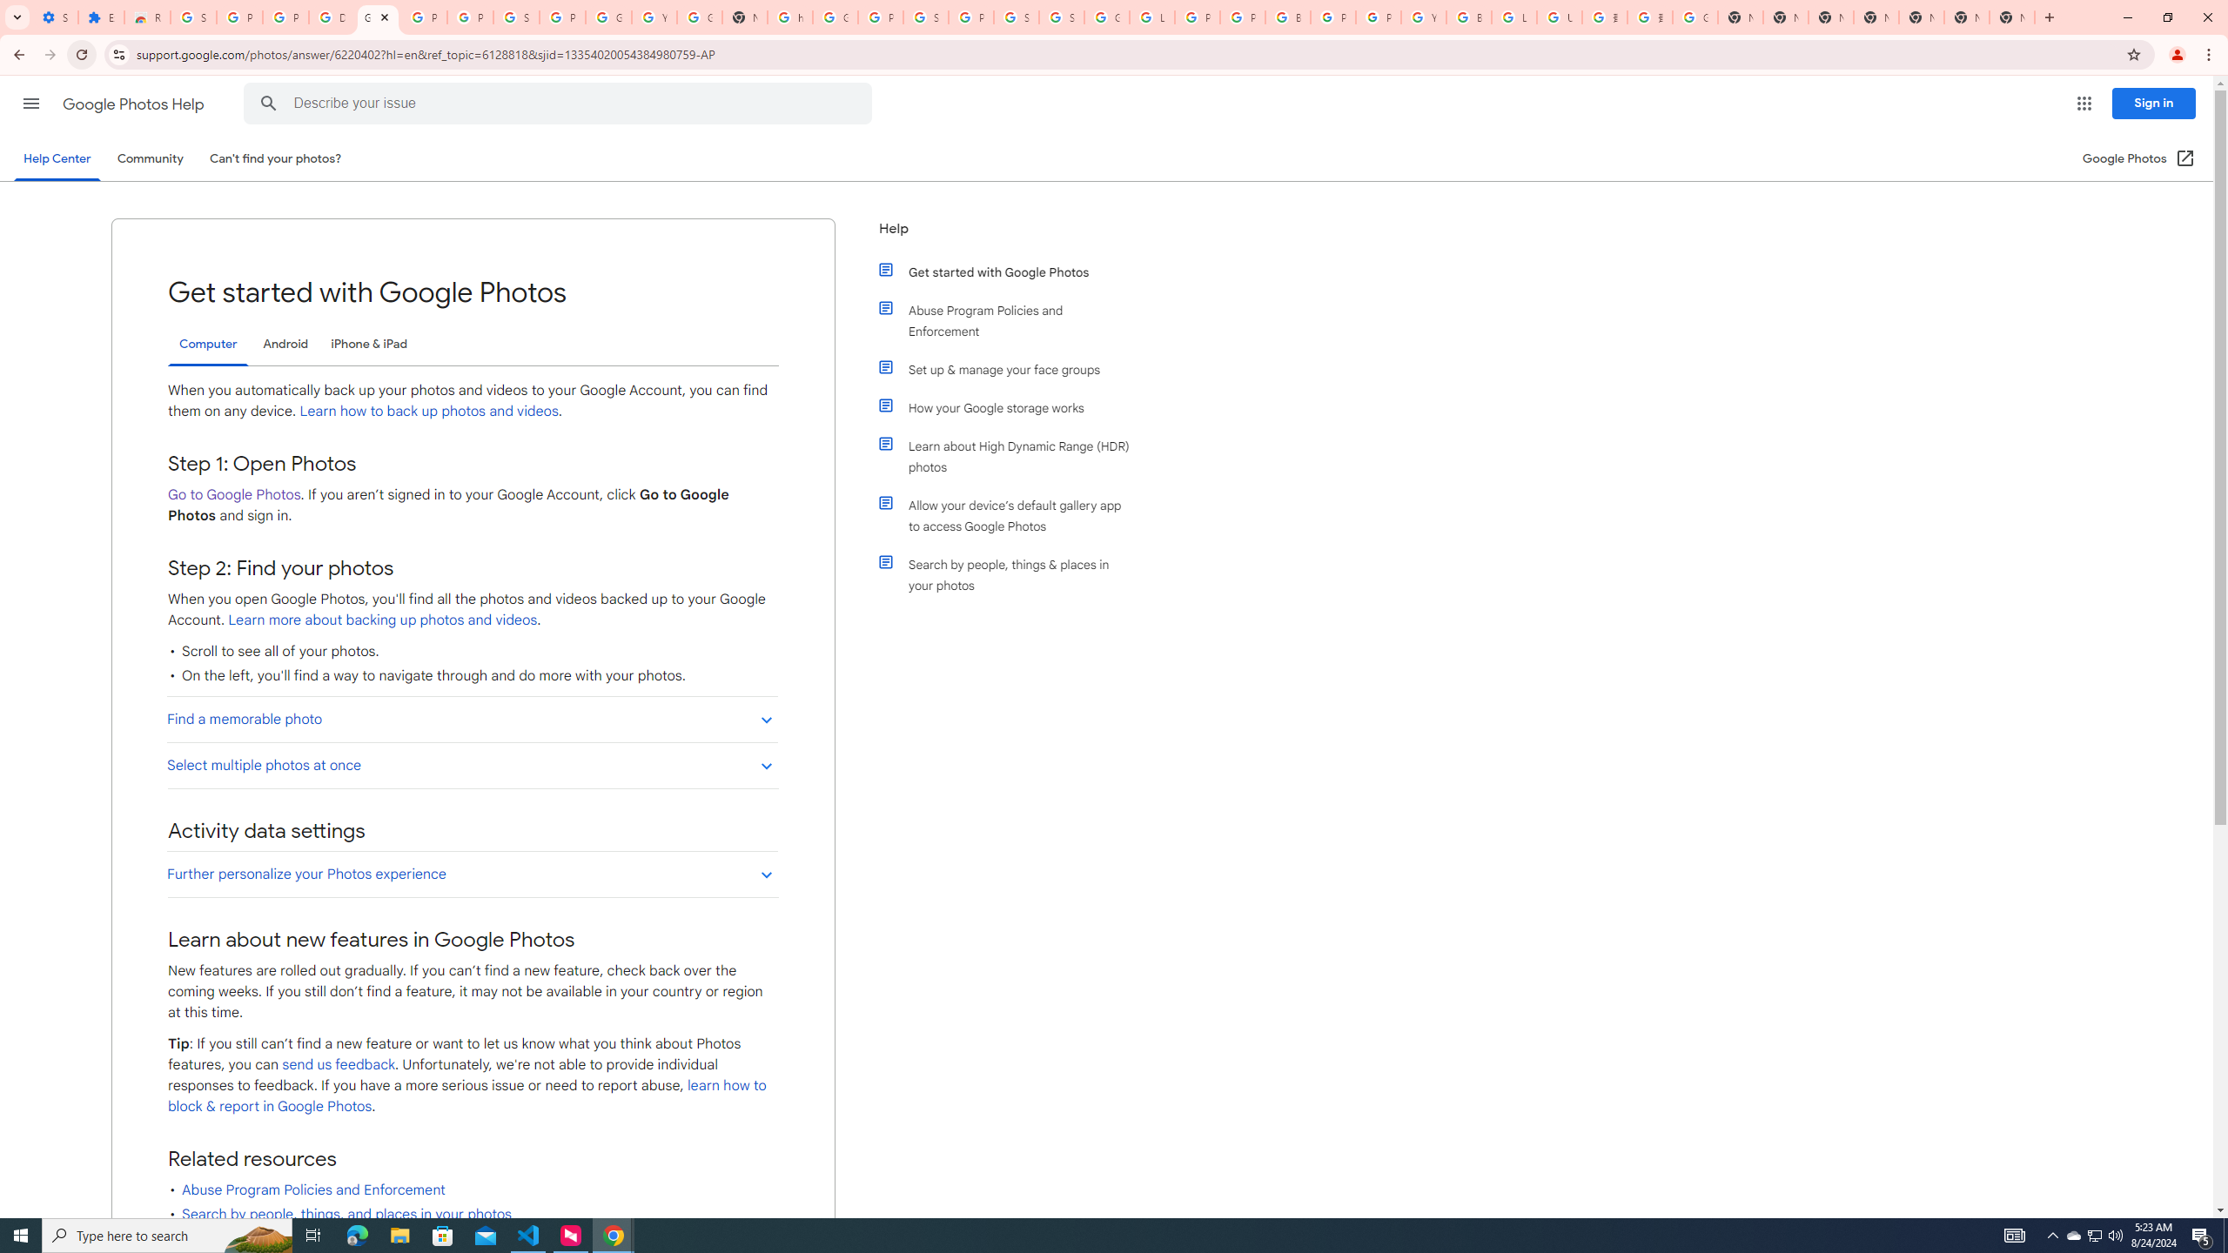 The height and width of the screenshot is (1253, 2228). Describe the element at coordinates (1011, 320) in the screenshot. I see `'Abuse Program Policies and Enforcement'` at that location.